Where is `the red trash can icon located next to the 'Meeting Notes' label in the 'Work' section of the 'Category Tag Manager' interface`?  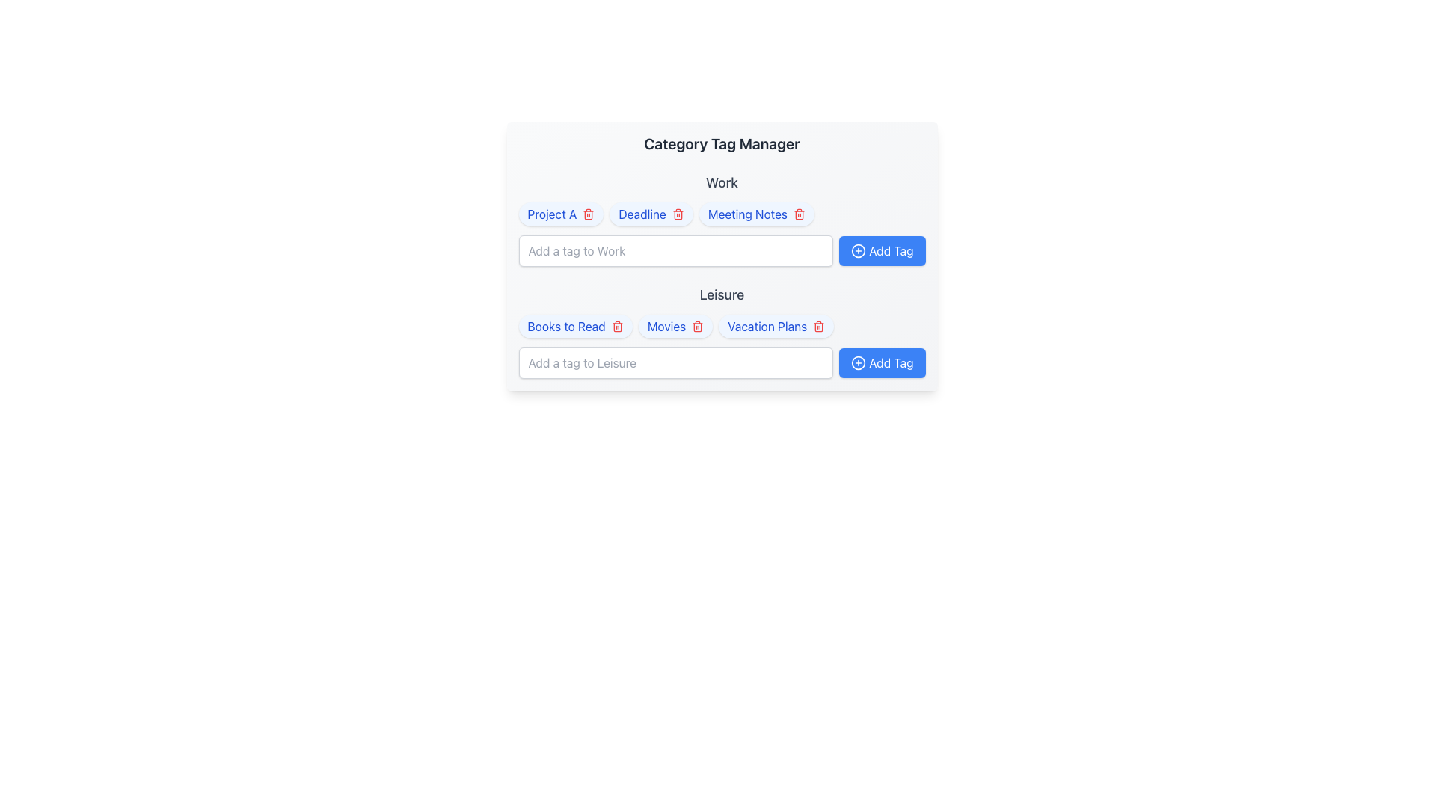 the red trash can icon located next to the 'Meeting Notes' label in the 'Work' section of the 'Category Tag Manager' interface is located at coordinates (798, 215).